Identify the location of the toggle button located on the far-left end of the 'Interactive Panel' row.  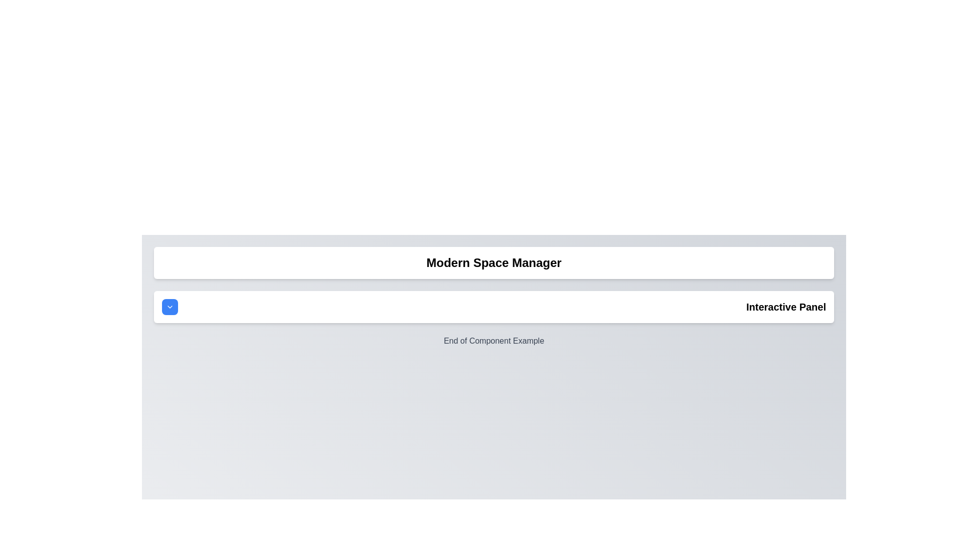
(170, 307).